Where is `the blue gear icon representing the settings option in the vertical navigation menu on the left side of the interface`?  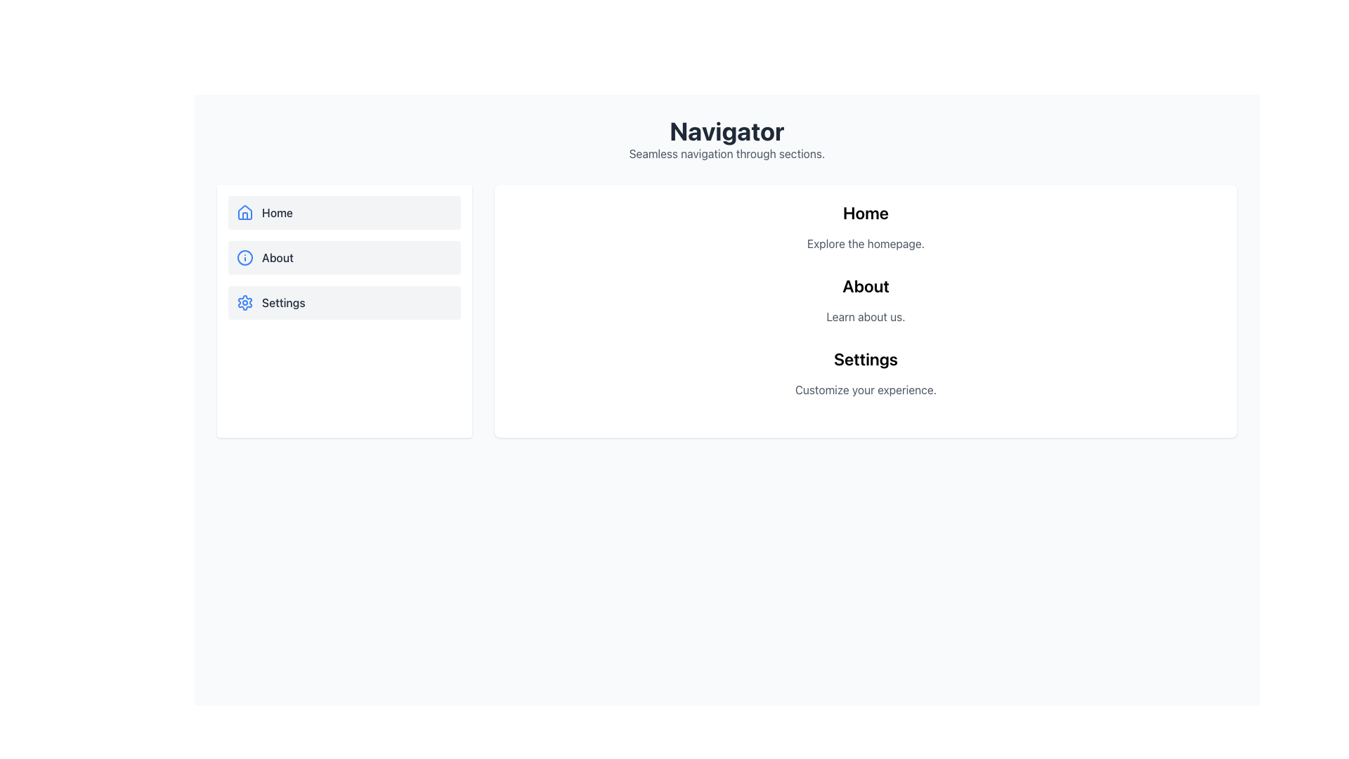 the blue gear icon representing the settings option in the vertical navigation menu on the left side of the interface is located at coordinates (245, 302).